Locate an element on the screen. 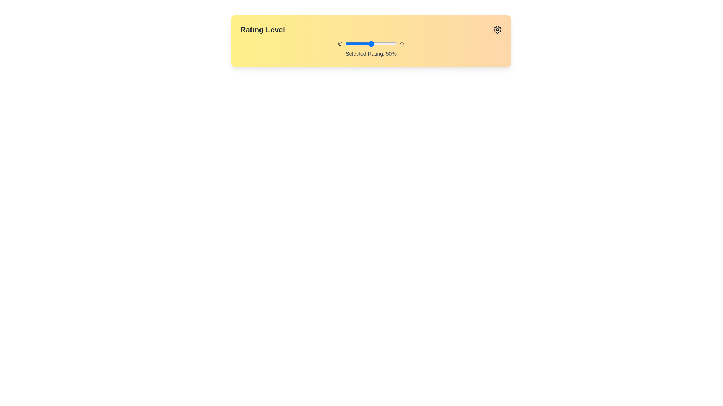  the rightmost icon in the horizontal arrangement of icons and controls, which is likely used for rating or star-based interactions is located at coordinates (401, 44).